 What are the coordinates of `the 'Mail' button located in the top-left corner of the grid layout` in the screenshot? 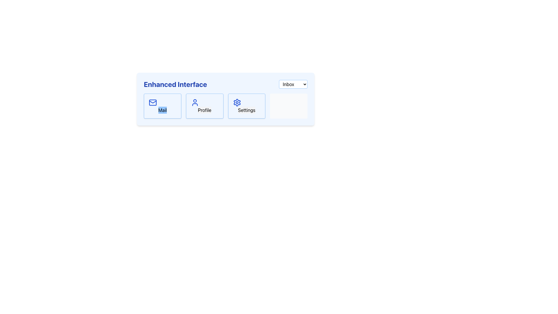 It's located at (162, 106).